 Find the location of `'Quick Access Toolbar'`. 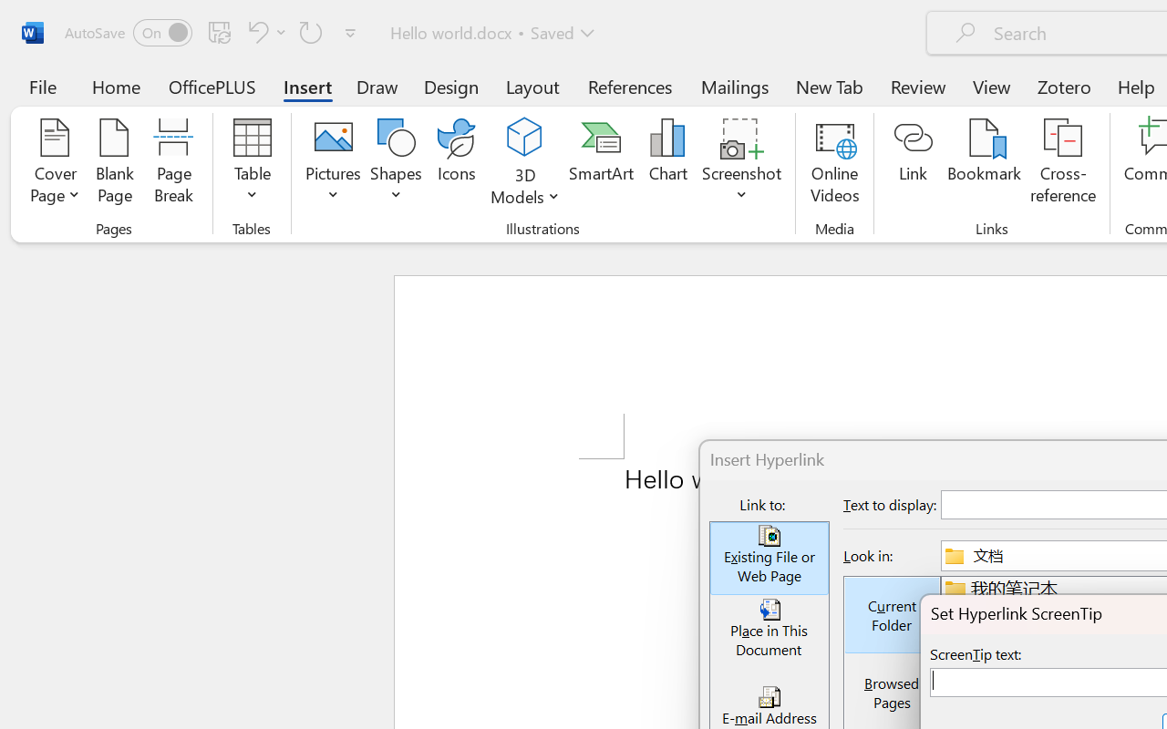

'Quick Access Toolbar' is located at coordinates (213, 32).